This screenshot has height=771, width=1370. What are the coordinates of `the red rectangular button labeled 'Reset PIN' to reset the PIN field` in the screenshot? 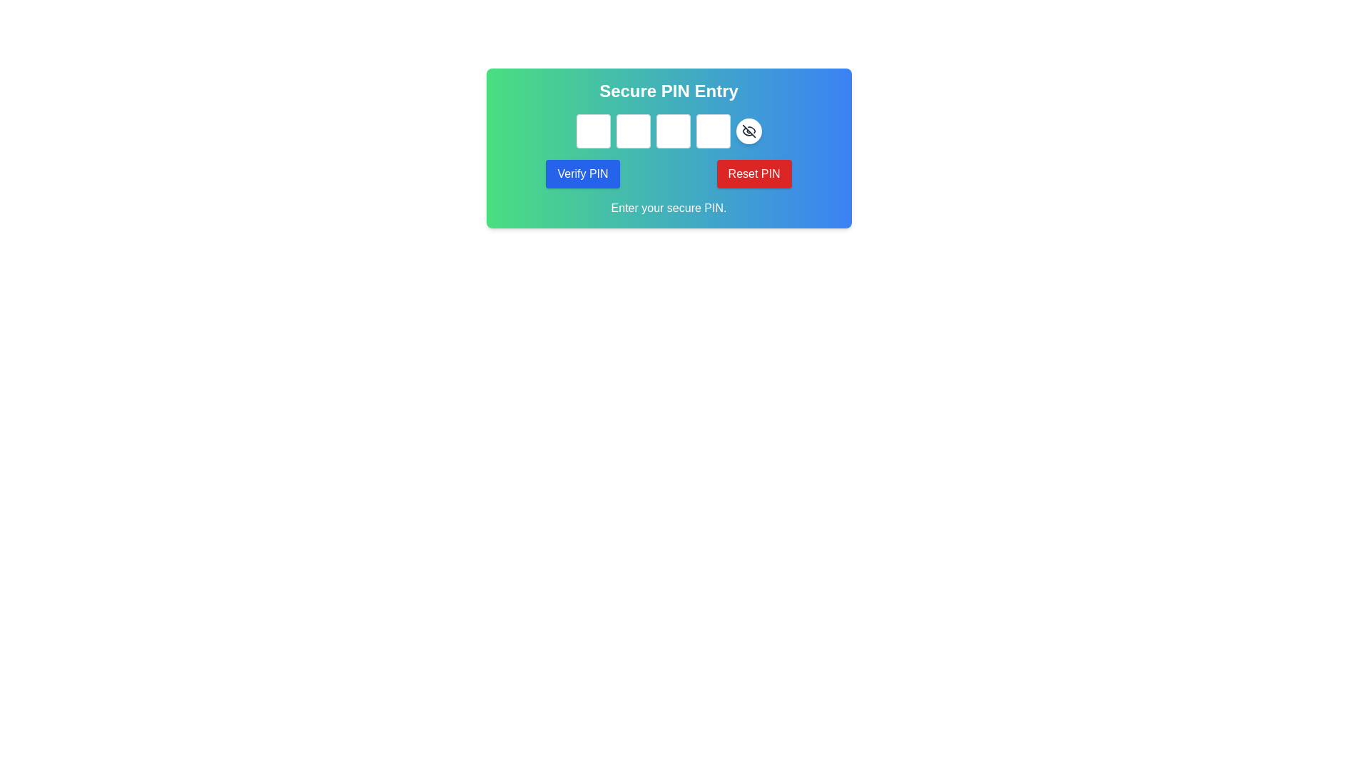 It's located at (753, 173).